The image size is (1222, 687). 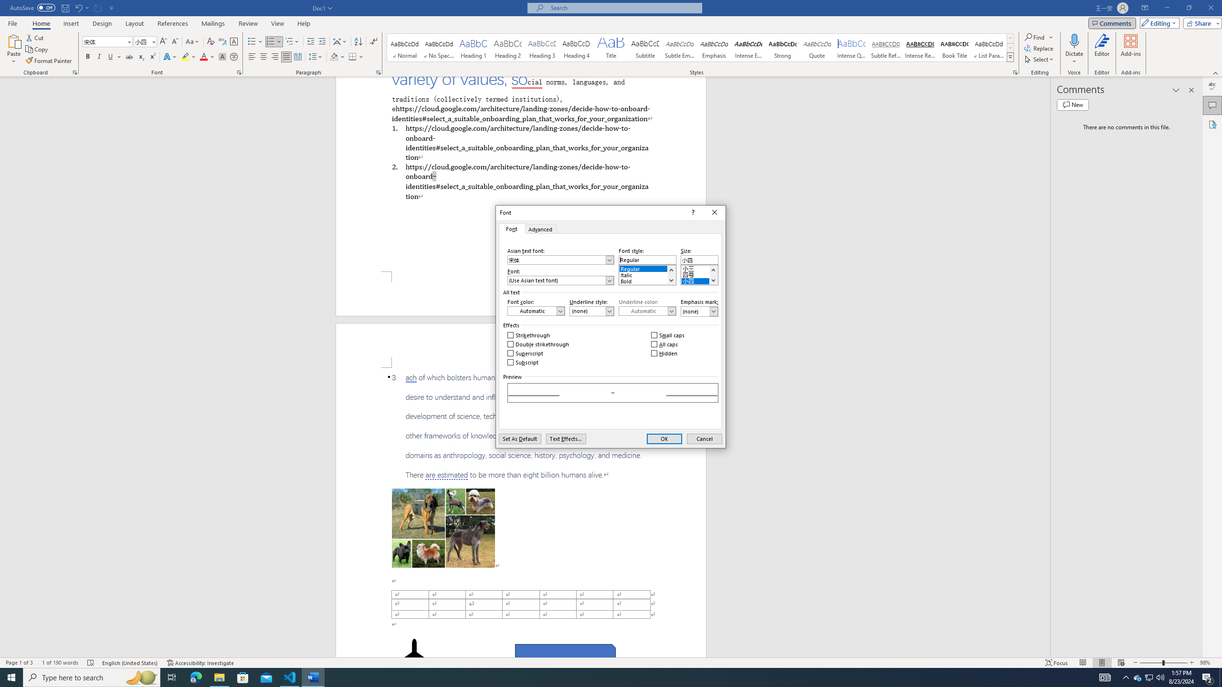 What do you see at coordinates (292, 42) in the screenshot?
I see `'Multilevel List'` at bounding box center [292, 42].